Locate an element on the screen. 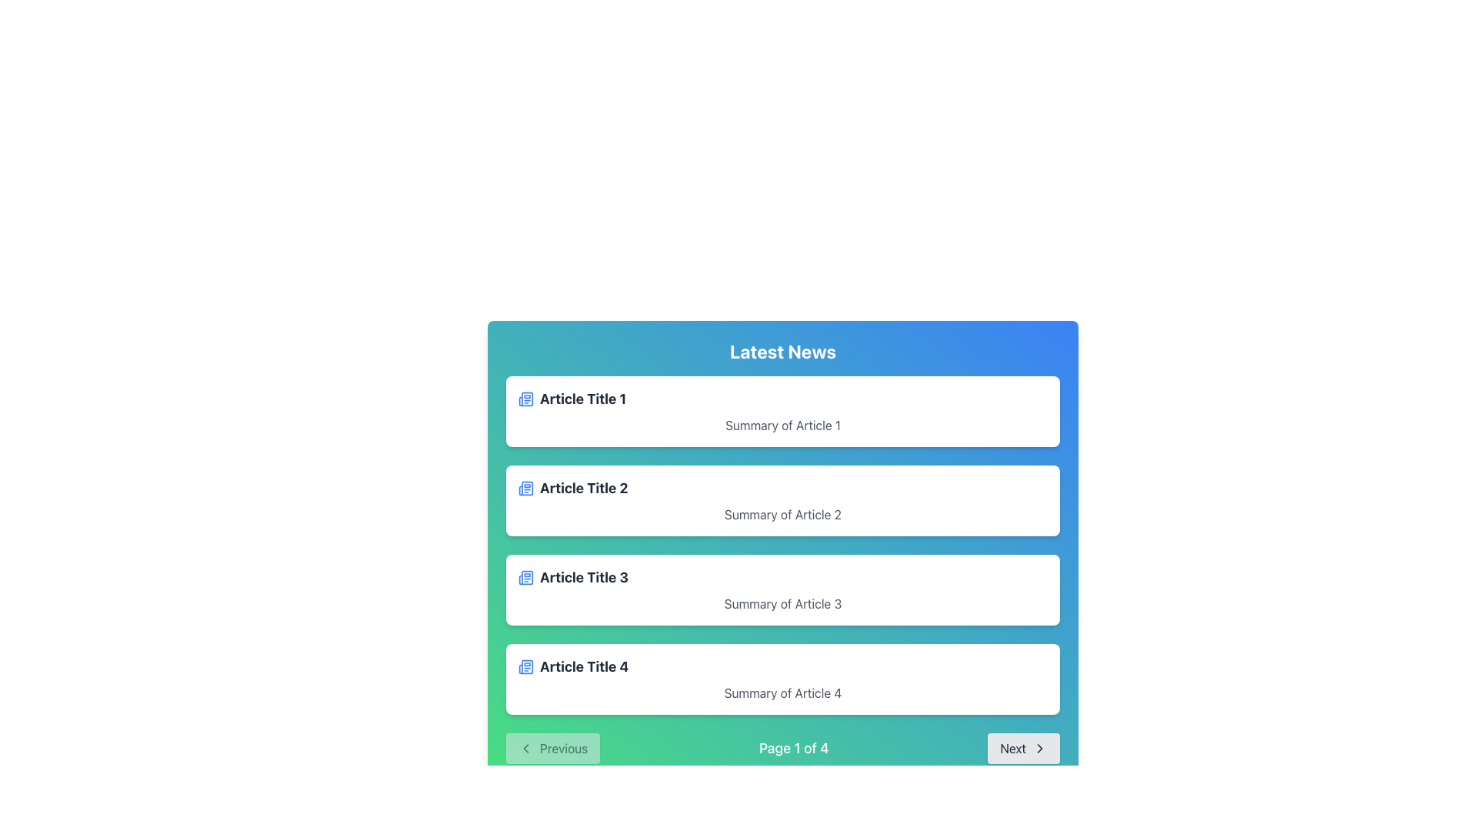  the blue-themed document or newspaper icon located to the left of 'Article Title 3' in the third row to focus on the associated article is located at coordinates (526, 578).